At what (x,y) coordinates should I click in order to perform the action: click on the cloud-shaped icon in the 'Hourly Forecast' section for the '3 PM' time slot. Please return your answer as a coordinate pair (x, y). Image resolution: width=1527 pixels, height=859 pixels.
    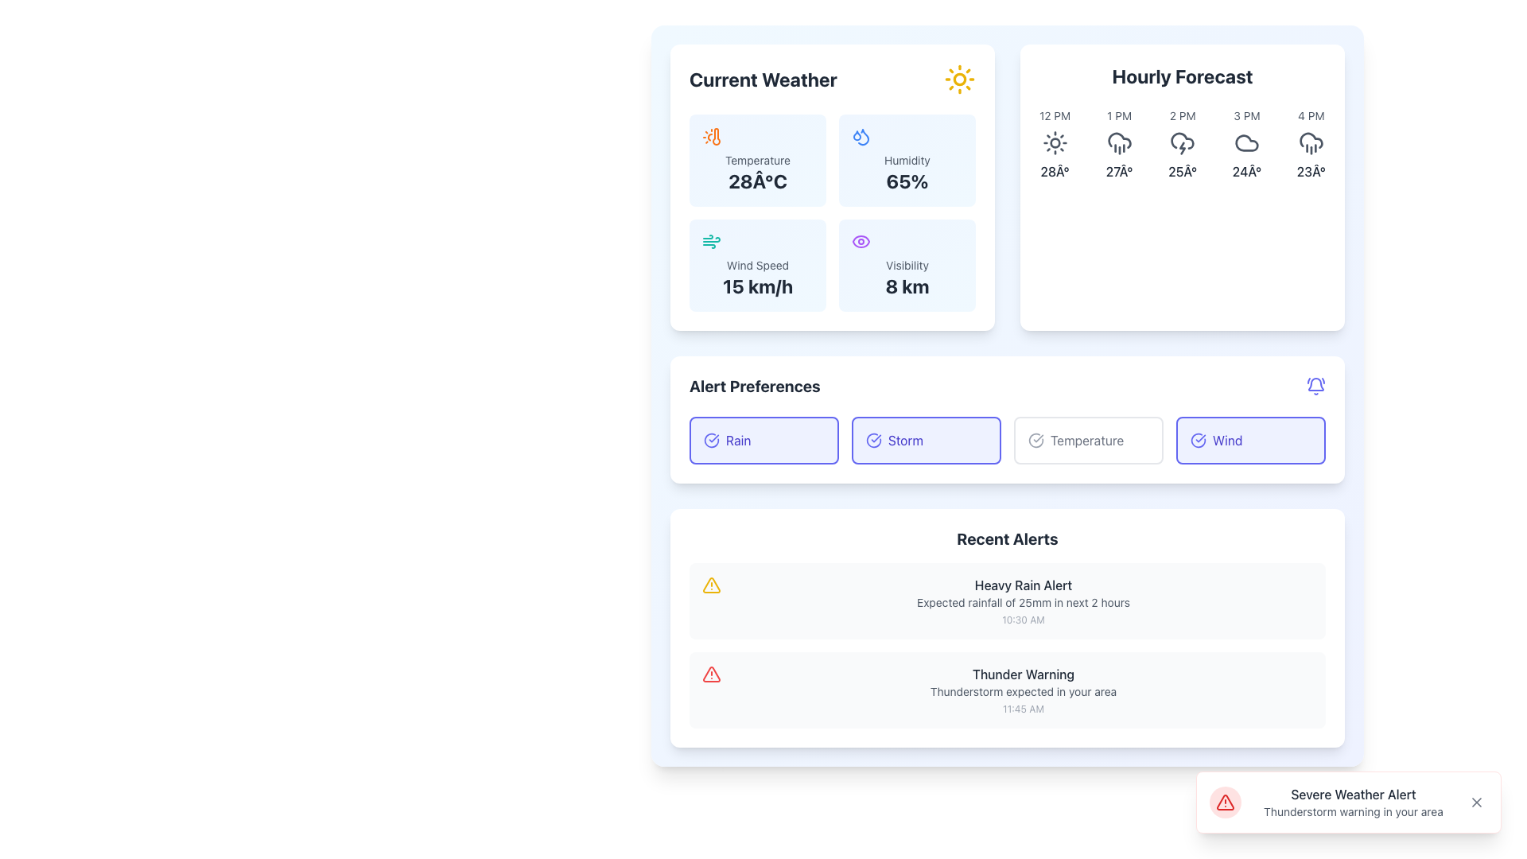
    Looking at the image, I should click on (1246, 143).